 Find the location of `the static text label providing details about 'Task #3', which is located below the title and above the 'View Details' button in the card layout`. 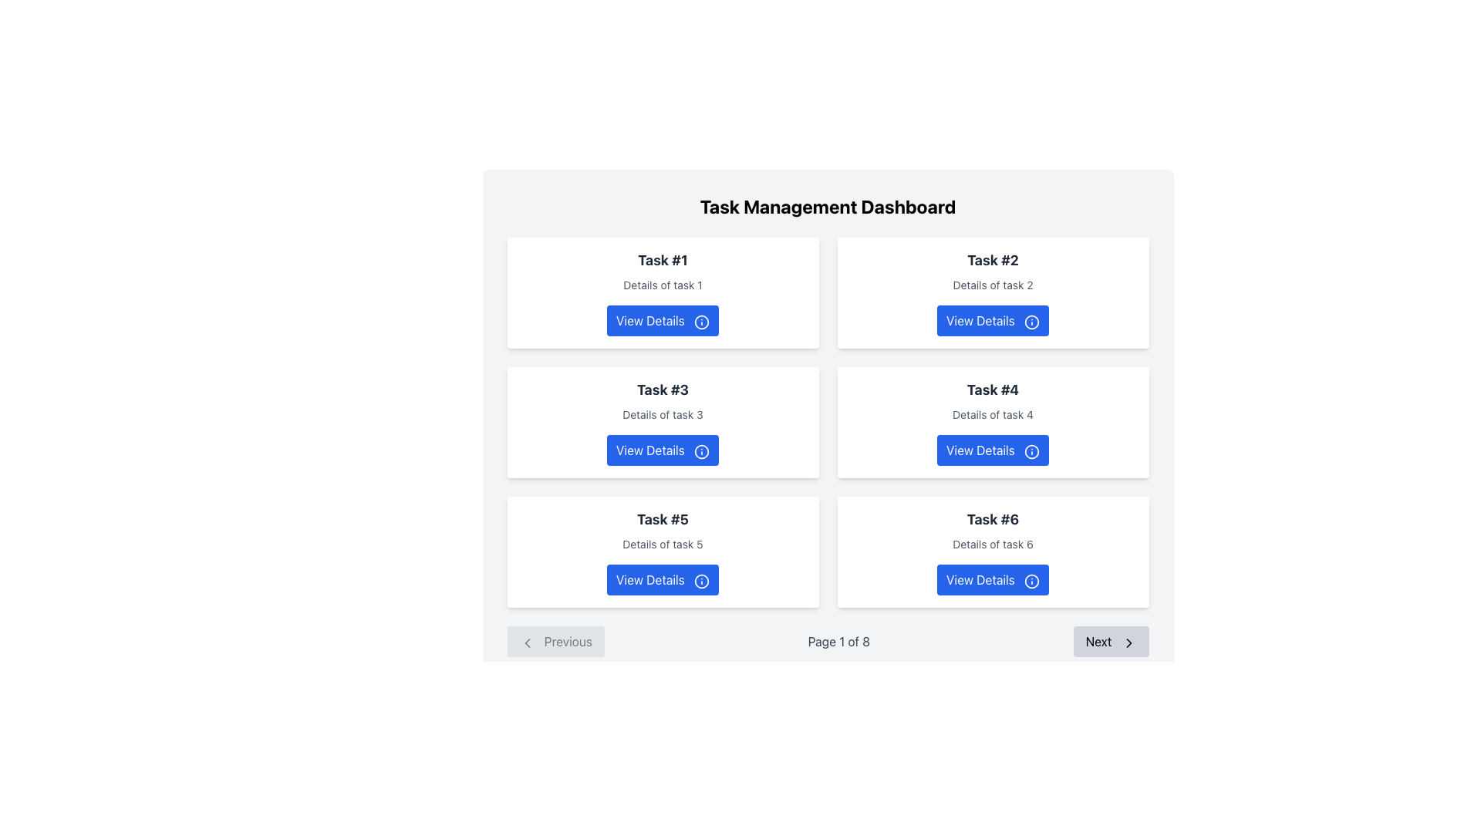

the static text label providing details about 'Task #3', which is located below the title and above the 'View Details' button in the card layout is located at coordinates (663, 413).